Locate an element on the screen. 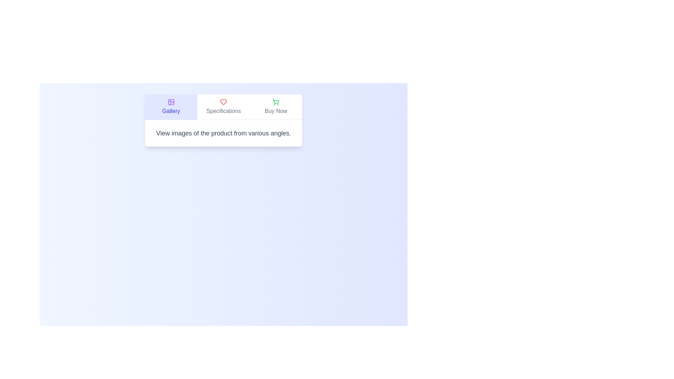 The width and height of the screenshot is (674, 379). the icon of the Specifications tab is located at coordinates (223, 102).